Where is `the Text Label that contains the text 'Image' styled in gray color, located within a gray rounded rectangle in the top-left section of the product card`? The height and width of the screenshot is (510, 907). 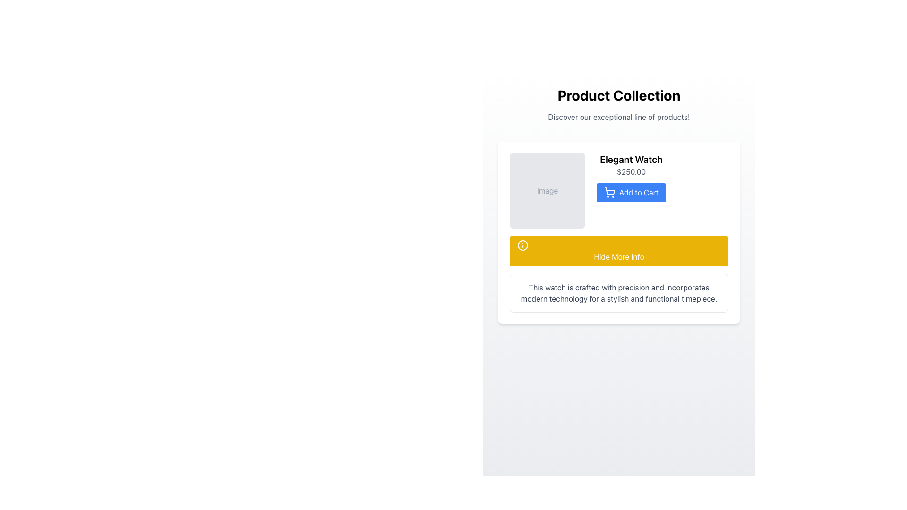 the Text Label that contains the text 'Image' styled in gray color, located within a gray rounded rectangle in the top-left section of the product card is located at coordinates (547, 191).